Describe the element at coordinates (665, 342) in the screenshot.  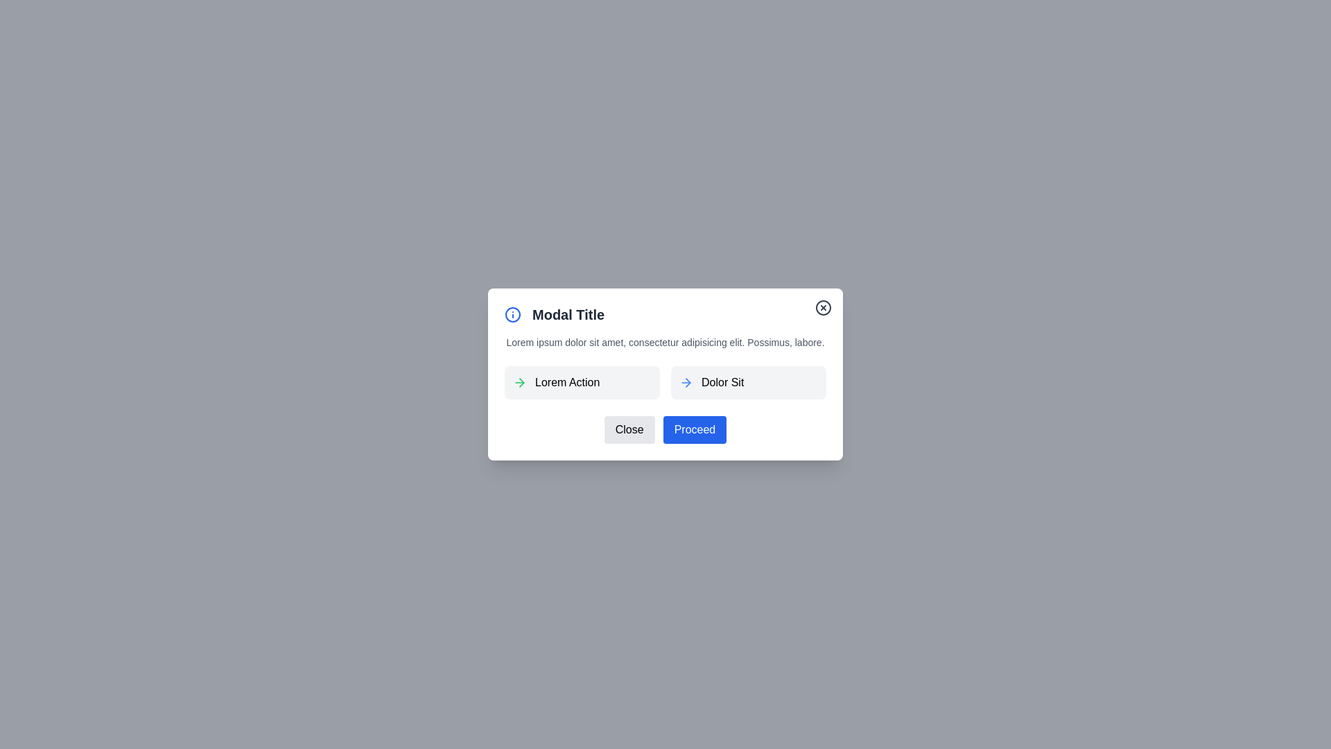
I see `the static text displaying 'Lorem ipsum dolor sit amet, consectetur adipisicing elit. Possimus, labore.' located in the modal interface, positioned below 'Modal Title' and above the buttons 'Lorem Action' and 'Dolor Sit'` at that location.